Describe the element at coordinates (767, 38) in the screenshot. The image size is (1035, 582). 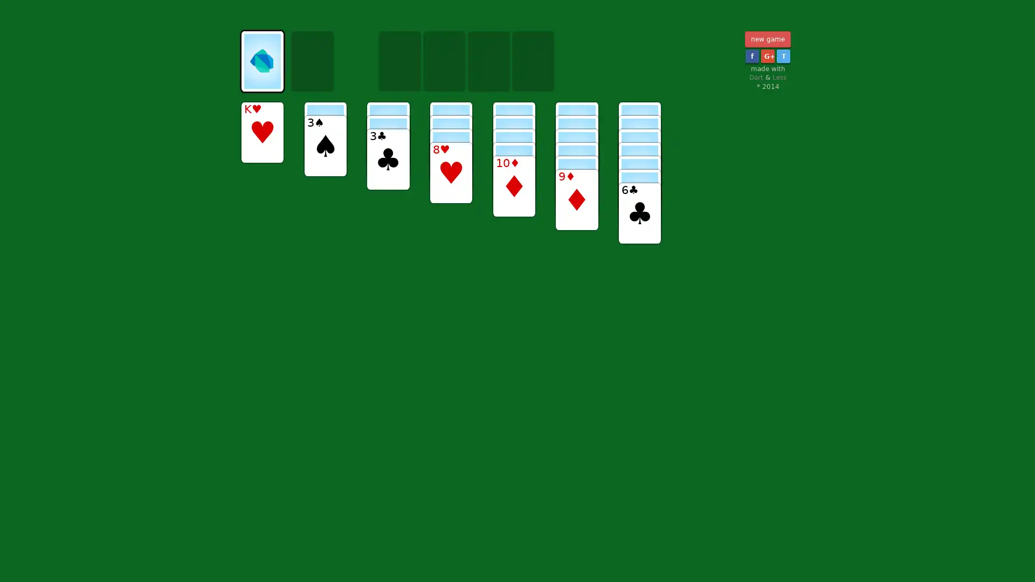
I see `new game` at that location.